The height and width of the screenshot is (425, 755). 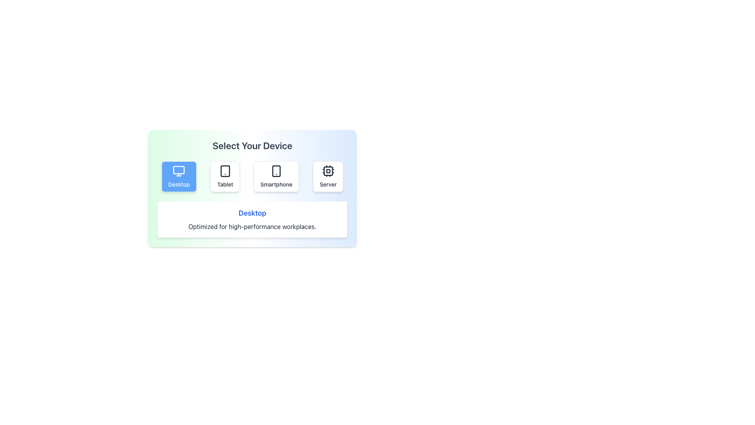 I want to click on descriptive label of the Text Label that indicates the type of device represented by the associated icon above it, so click(x=225, y=185).